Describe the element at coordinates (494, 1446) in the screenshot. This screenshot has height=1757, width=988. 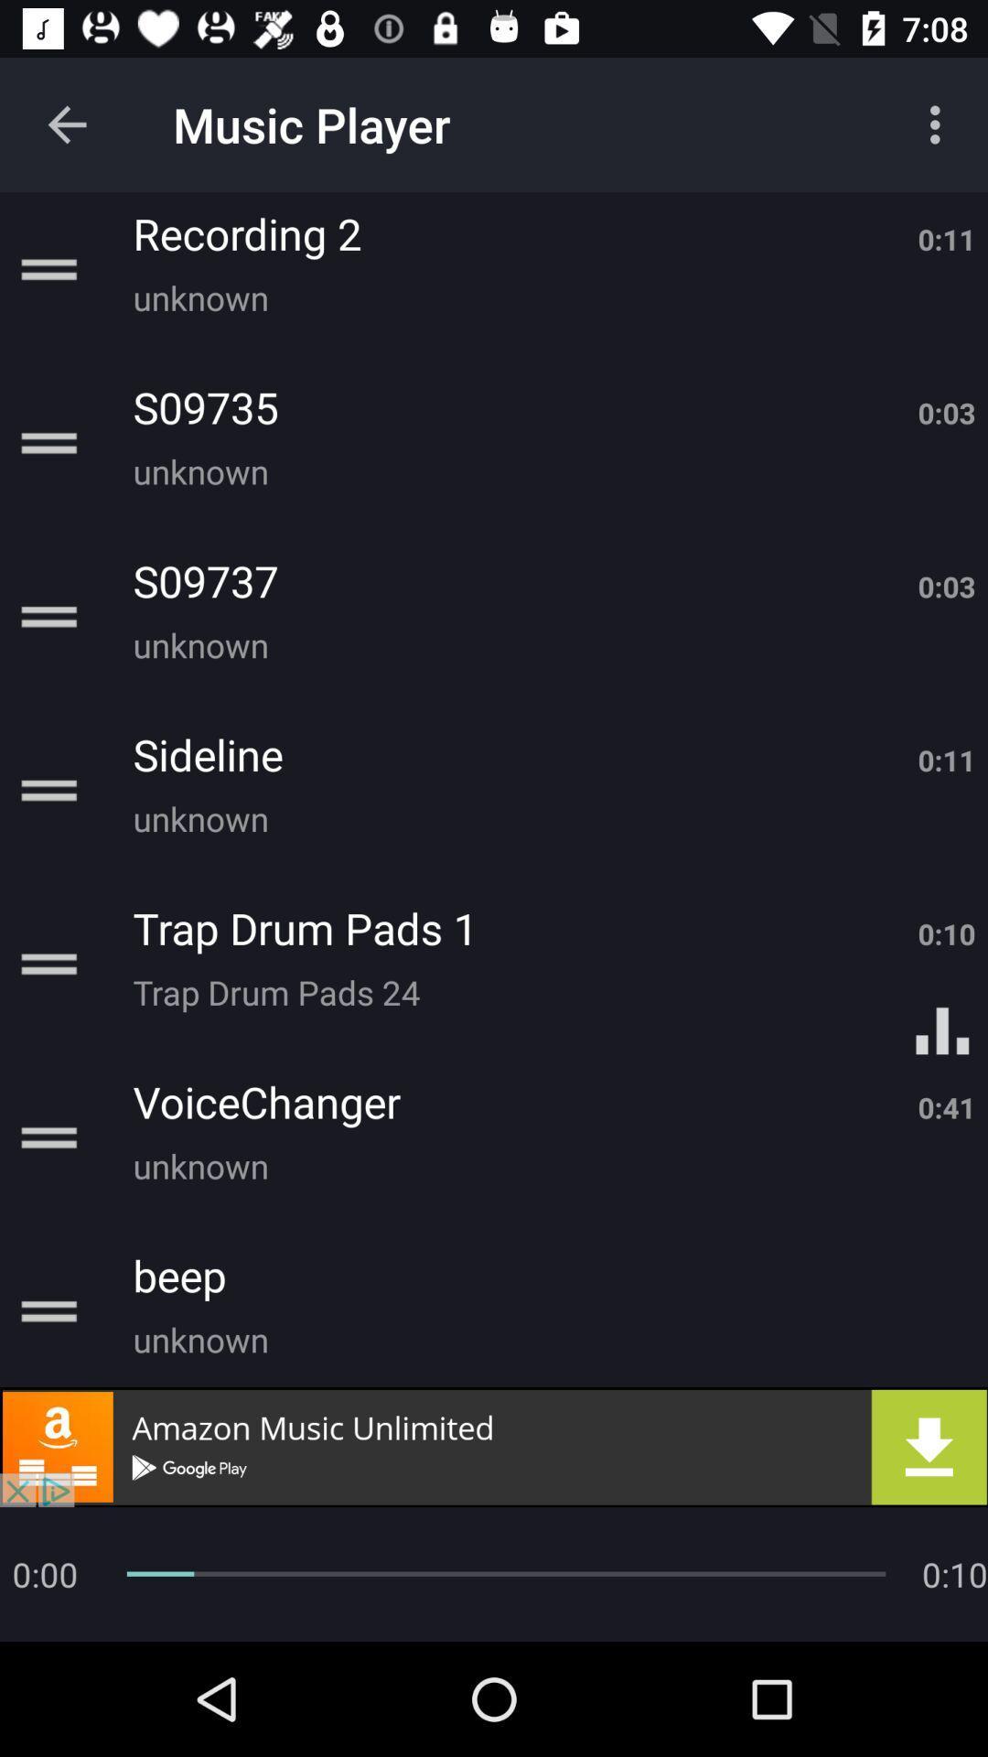
I see `download button` at that location.